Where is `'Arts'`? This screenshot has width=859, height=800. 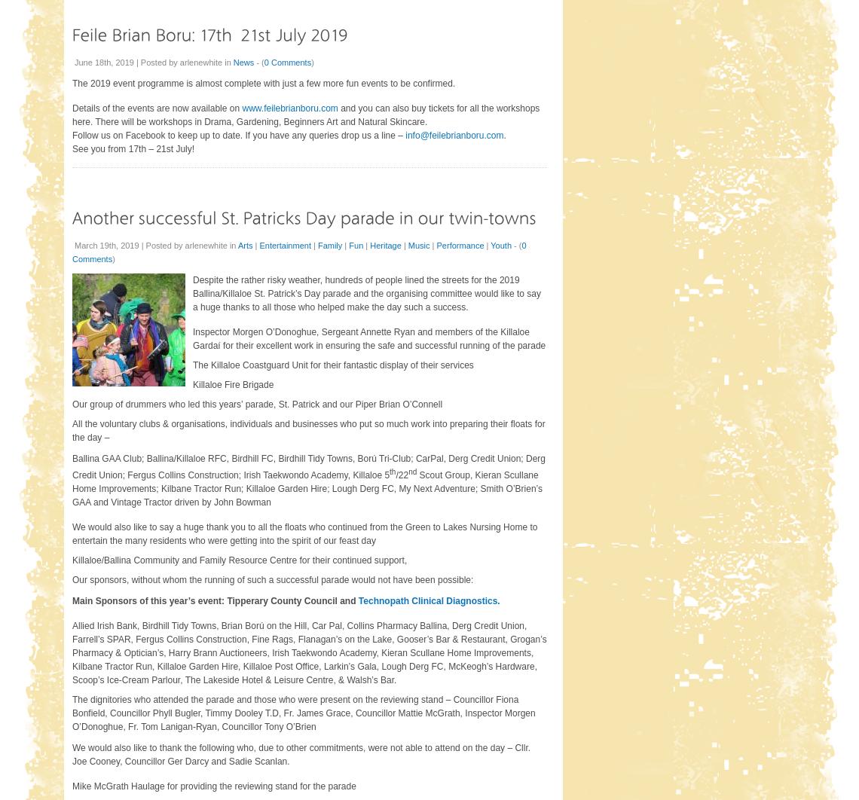 'Arts' is located at coordinates (245, 243).